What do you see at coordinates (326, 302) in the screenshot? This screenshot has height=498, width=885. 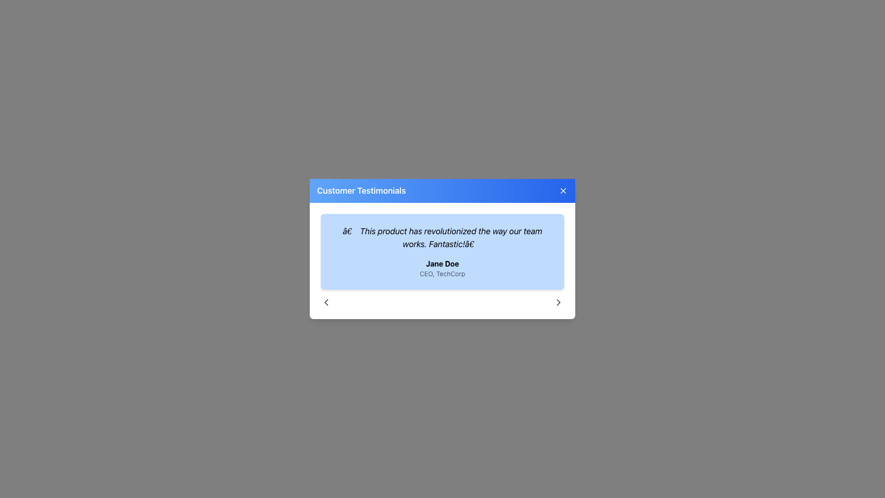 I see `the navigation button located at the bottom-left of the modal` at bounding box center [326, 302].